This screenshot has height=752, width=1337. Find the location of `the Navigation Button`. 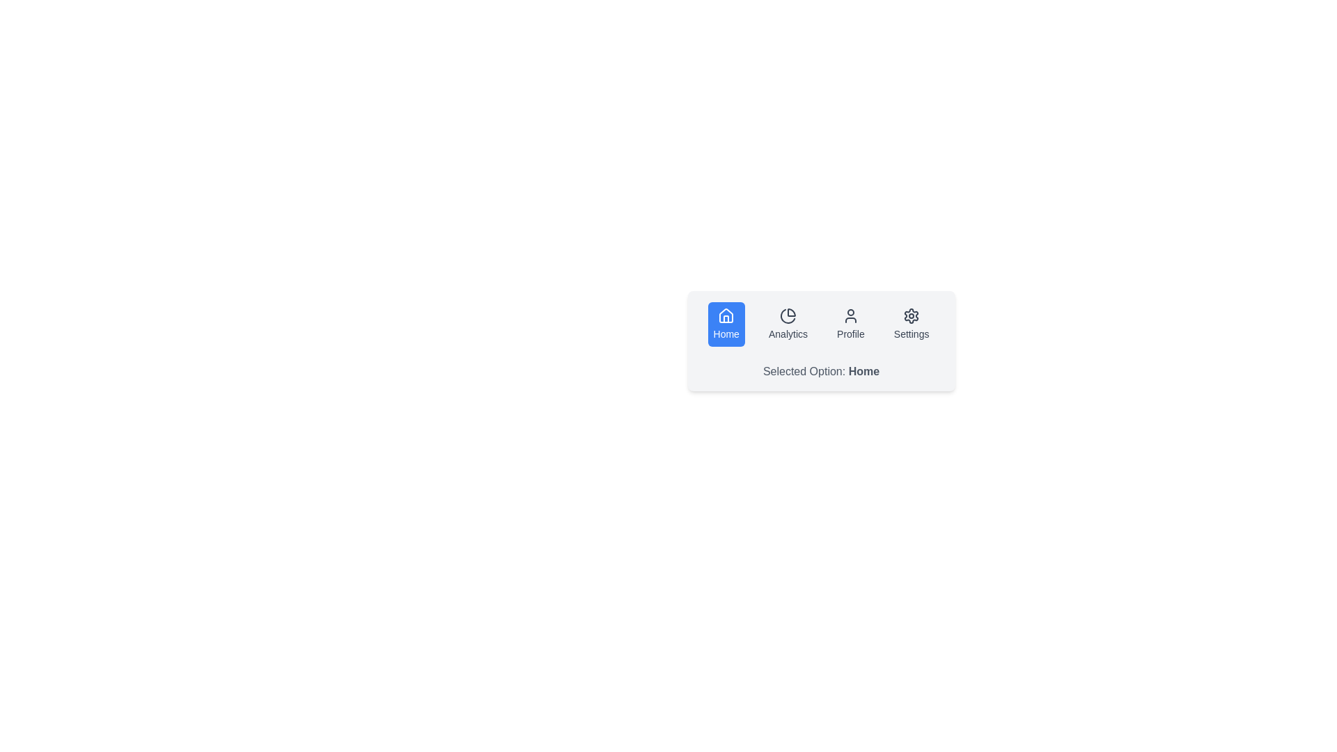

the Navigation Button is located at coordinates (912, 324).